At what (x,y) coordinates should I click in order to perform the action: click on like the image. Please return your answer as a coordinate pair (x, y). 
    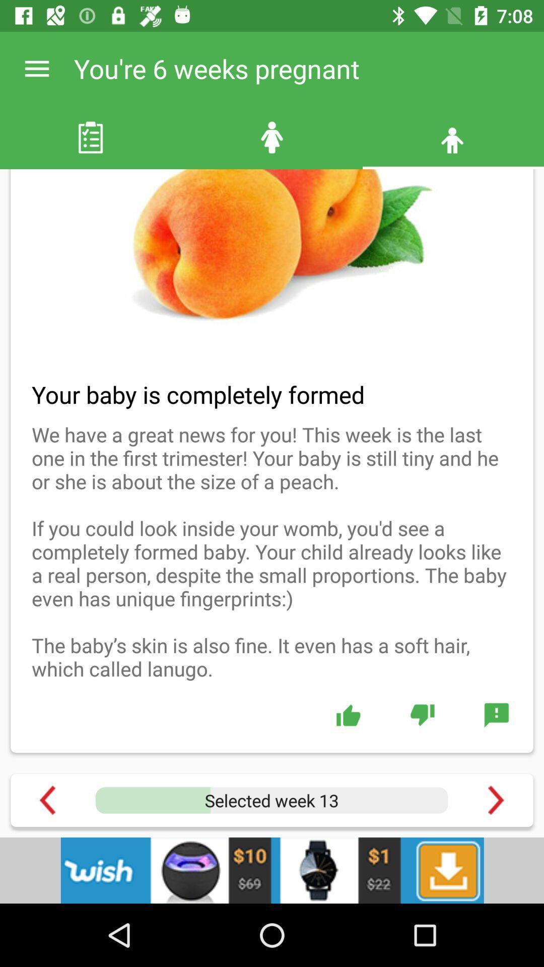
    Looking at the image, I should click on (348, 714).